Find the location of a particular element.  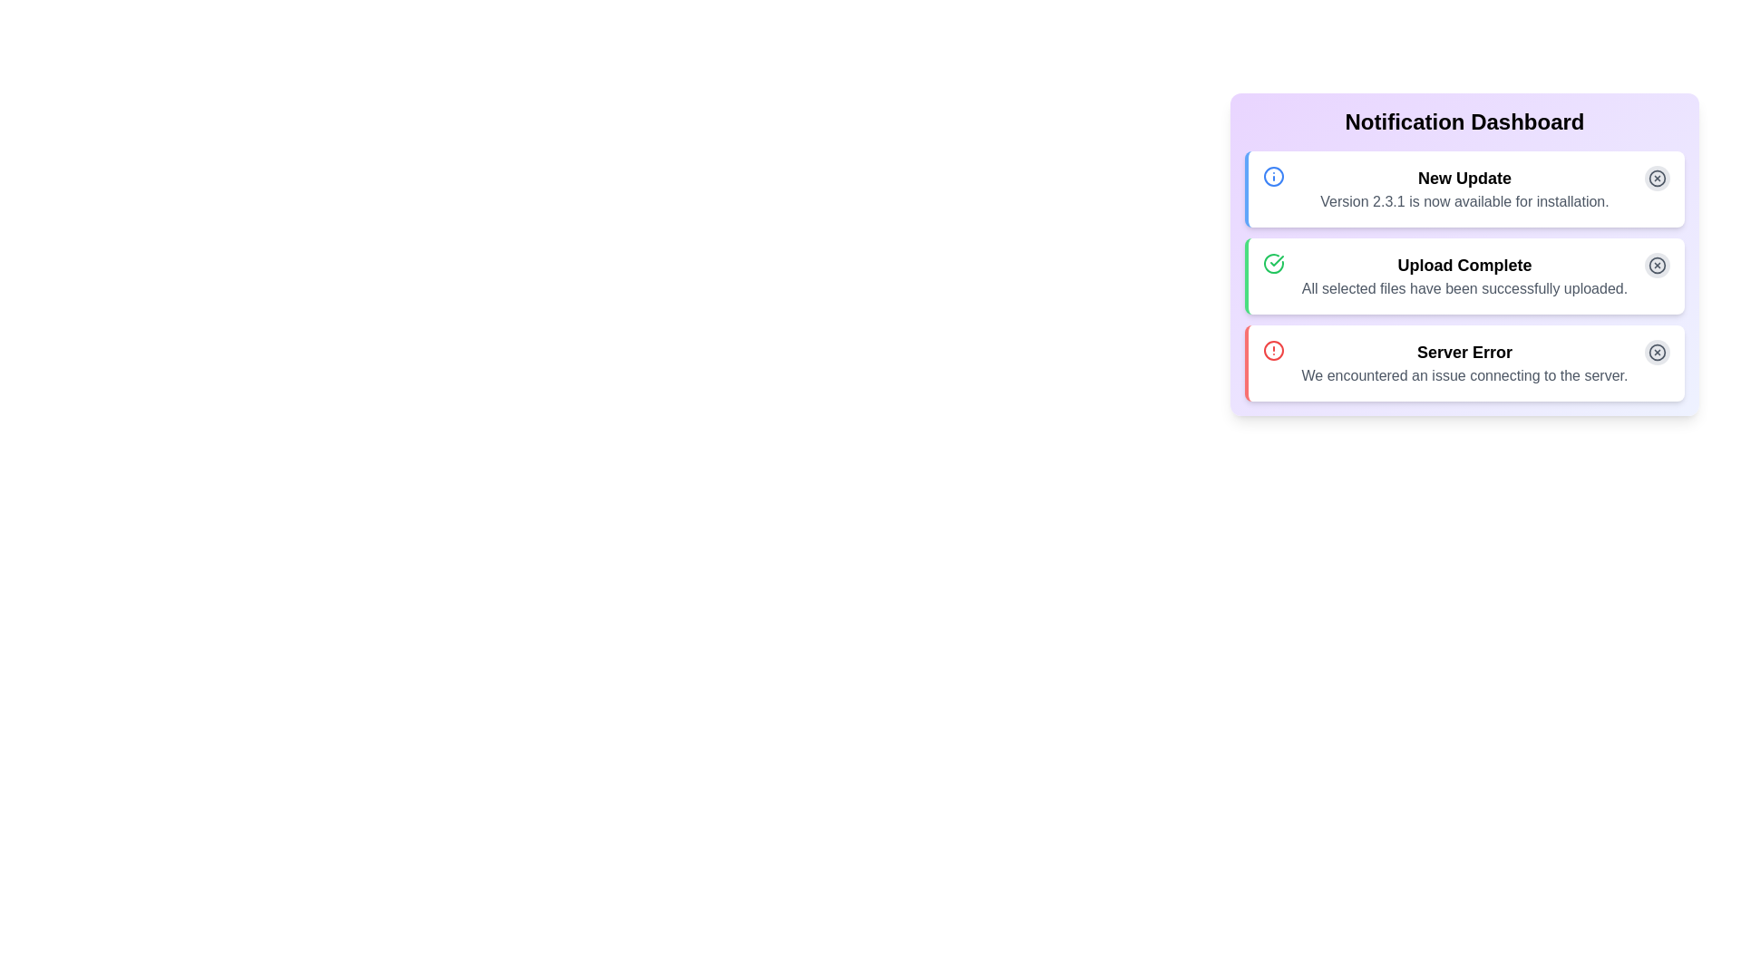

the icon button located at the far right of the 'Upload Complete' notification card is located at coordinates (1658, 266).